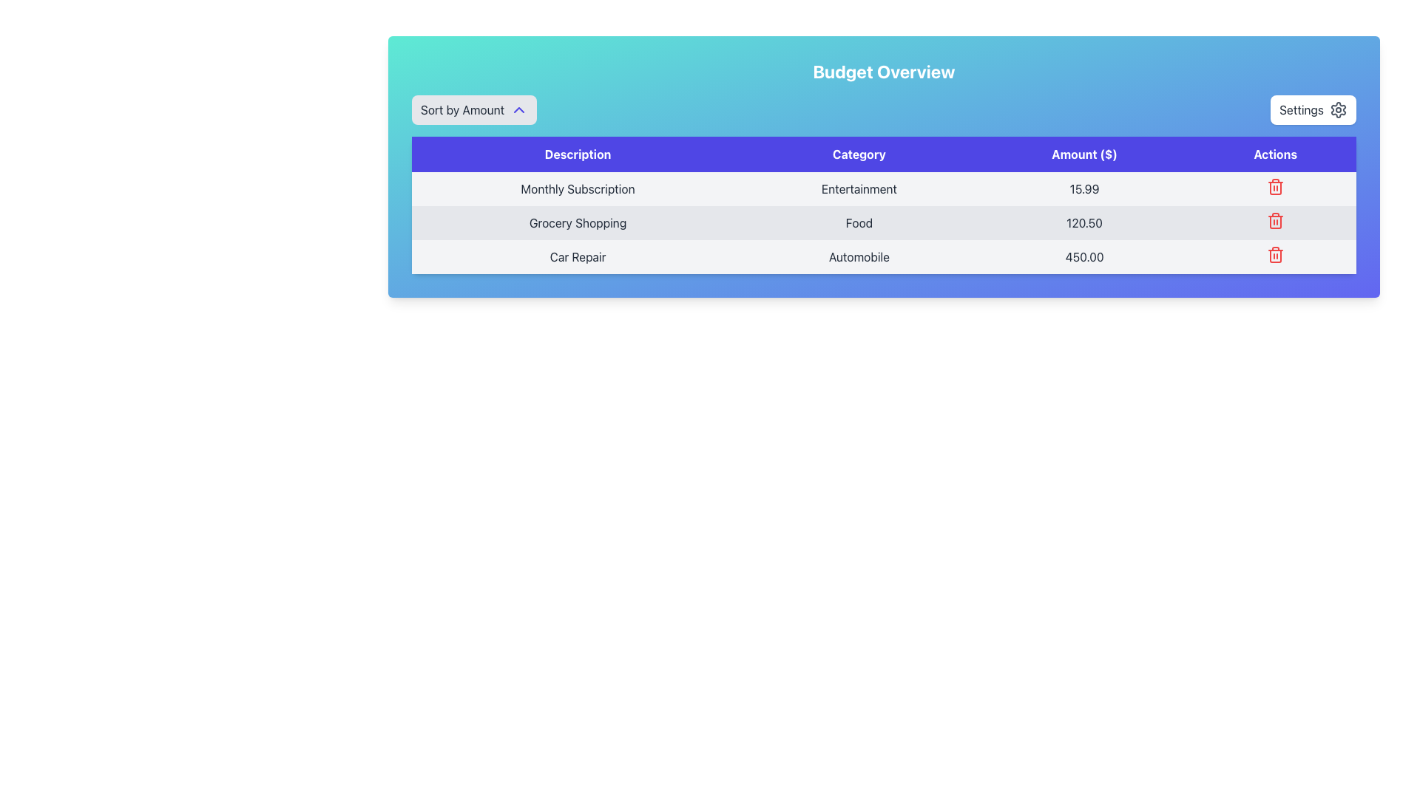 The image size is (1420, 798). I want to click on the upward-pointing chevron arrow icon located to the right of the 'Sort by Amount' text label, which is used for toggling the sorting order of a list or table, so click(519, 109).